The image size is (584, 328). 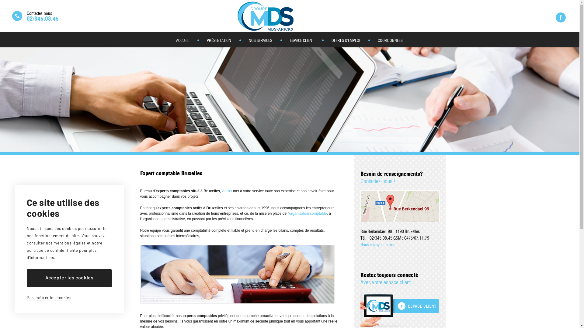 What do you see at coordinates (345, 40) in the screenshot?
I see `'OFFRES D'EMPLOI'` at bounding box center [345, 40].